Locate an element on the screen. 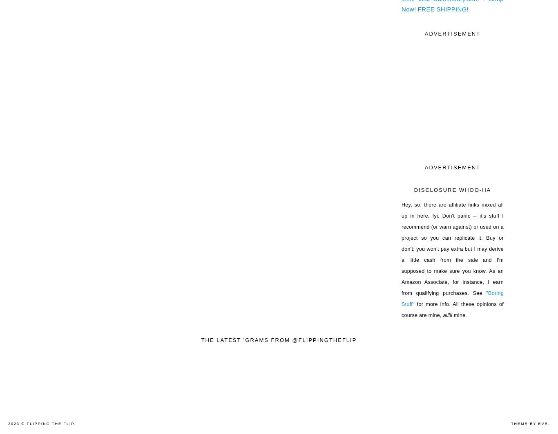 This screenshot has height=434, width=558. '"Boring Stuff"' is located at coordinates (452, 298).